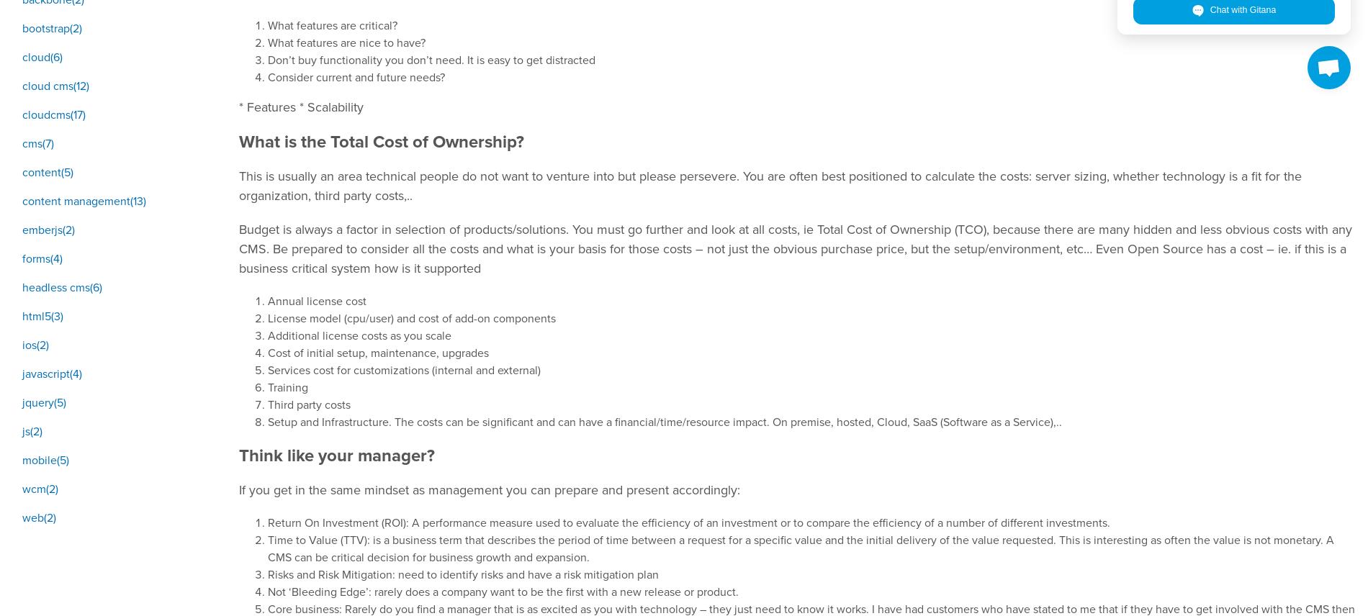 Image resolution: width=1368 pixels, height=616 pixels. Describe the element at coordinates (39, 517) in the screenshot. I see `'web(2)'` at that location.